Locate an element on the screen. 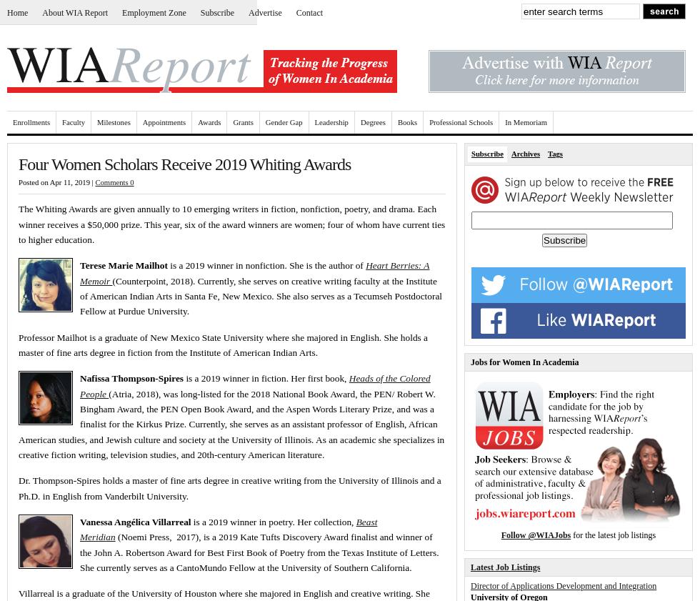 The image size is (700, 601). 'Posted on Apr 11, 2019 |' is located at coordinates (56, 182).